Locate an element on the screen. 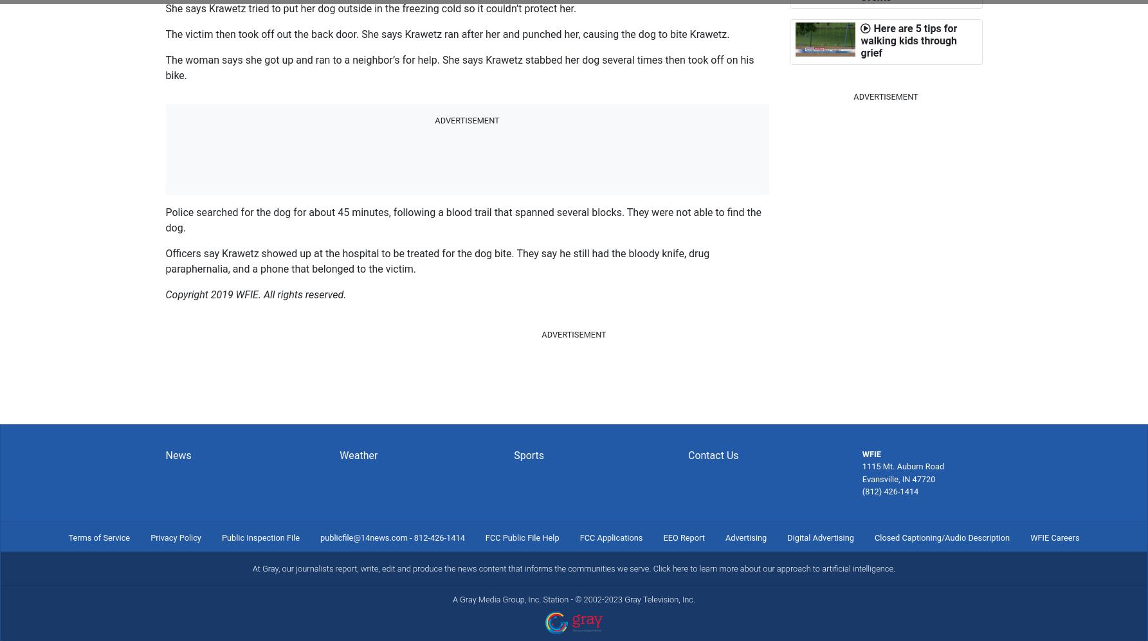  'The victim then took off out the back door. She says Krawetz ran after her and punched her, causing the dog to bite Krawetz.' is located at coordinates (446, 33).